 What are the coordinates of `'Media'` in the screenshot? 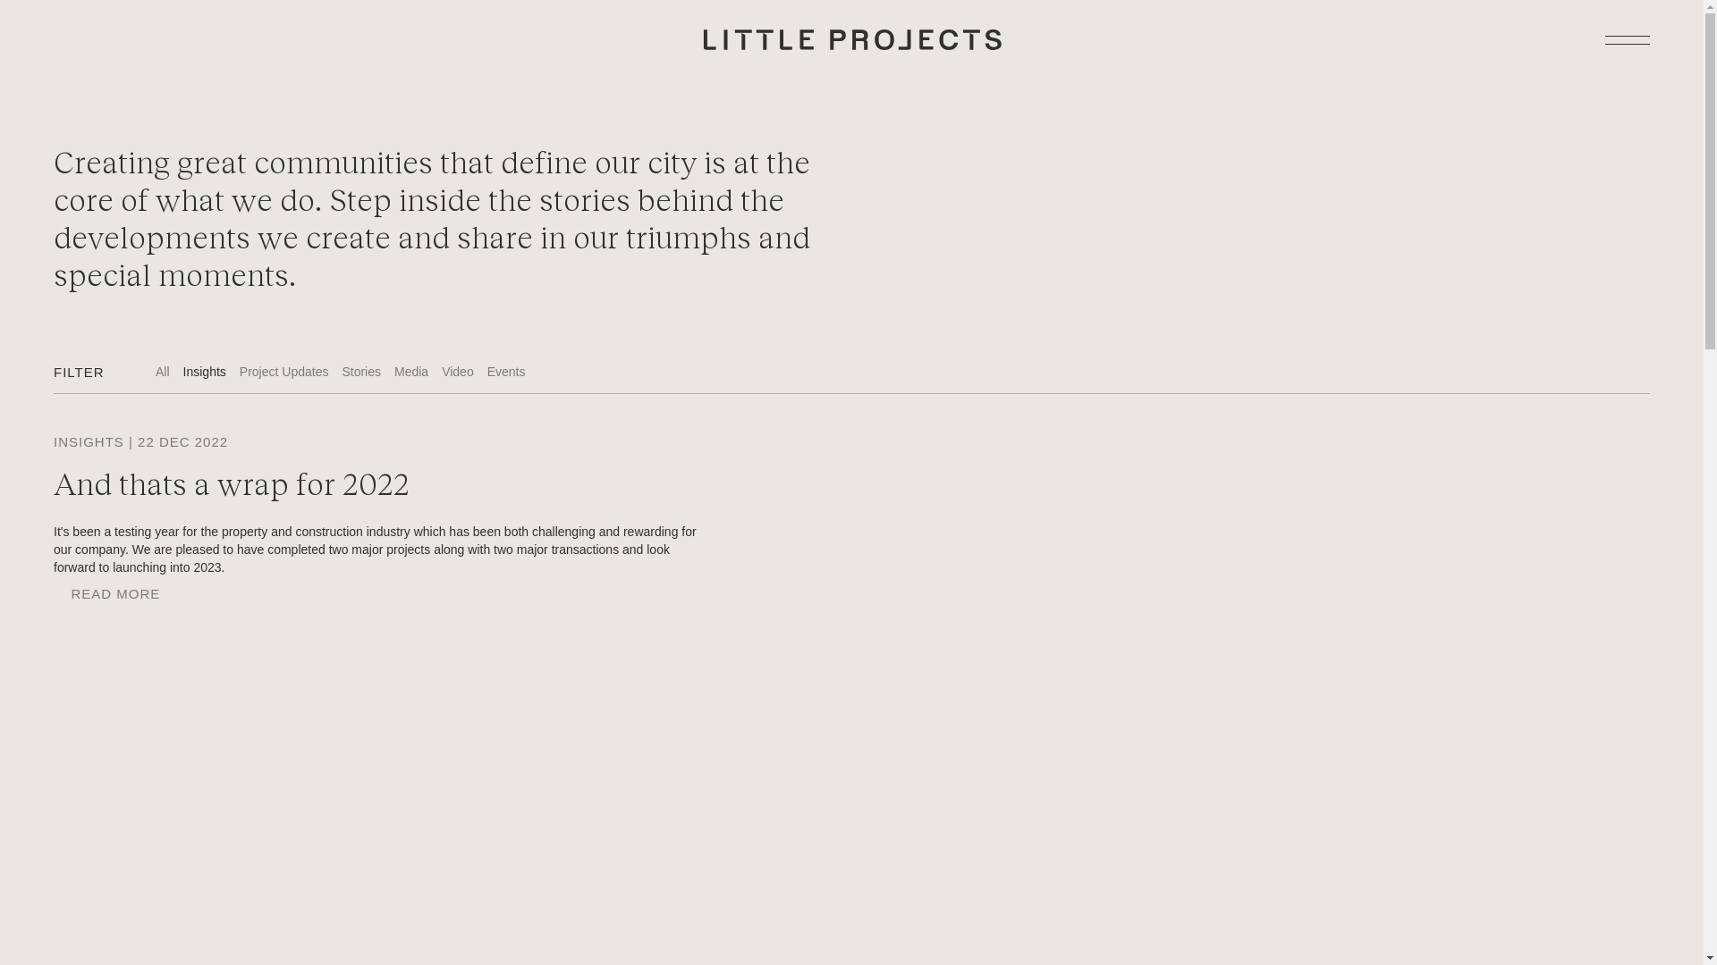 It's located at (410, 371).